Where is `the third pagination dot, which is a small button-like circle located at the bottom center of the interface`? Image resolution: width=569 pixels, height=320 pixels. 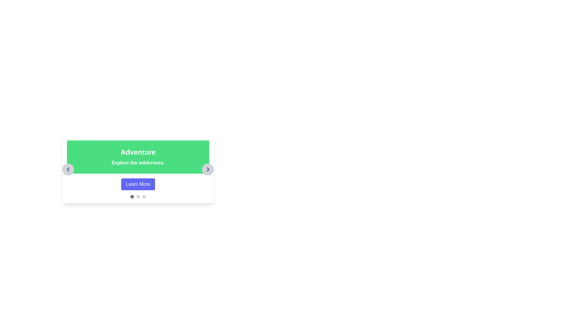
the third pagination dot, which is a small button-like circle located at the bottom center of the interface is located at coordinates (144, 196).